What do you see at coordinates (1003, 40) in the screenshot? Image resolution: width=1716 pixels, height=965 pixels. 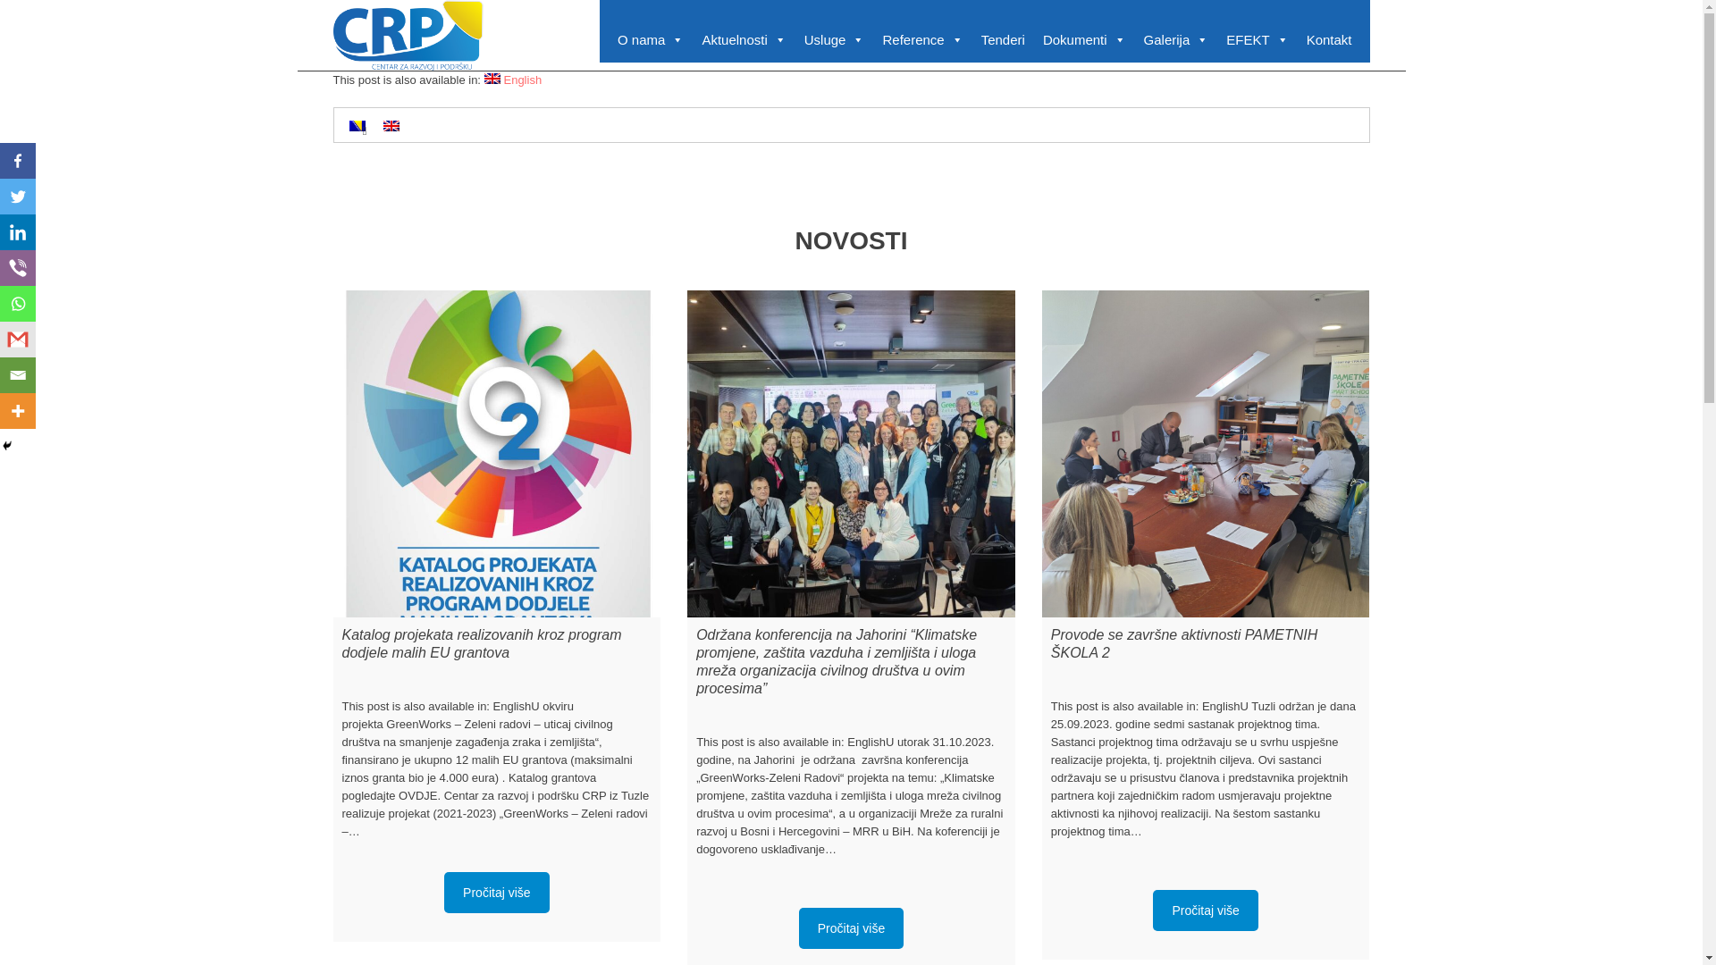 I see `'Tenderi'` at bounding box center [1003, 40].